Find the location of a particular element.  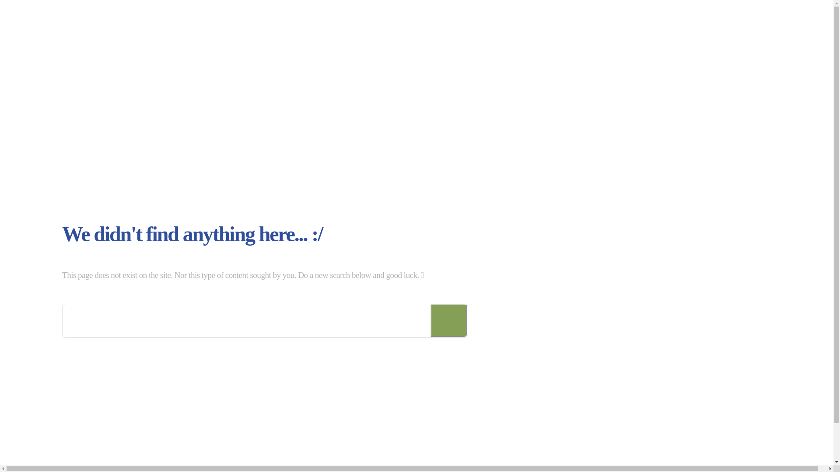

'Linkedin' is located at coordinates (675, 461).